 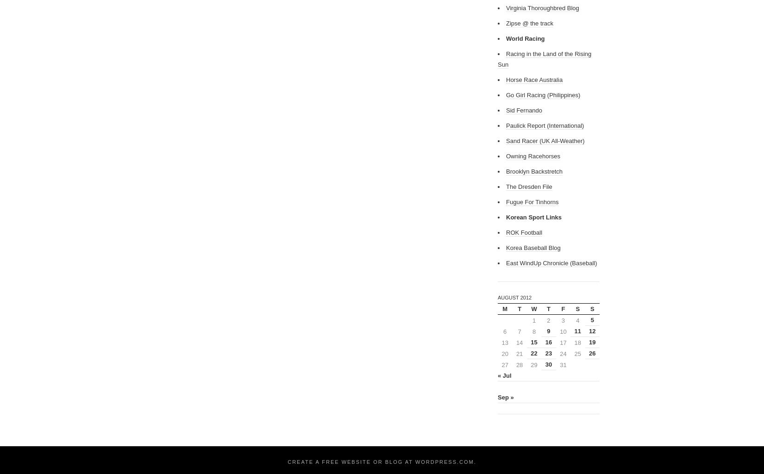 What do you see at coordinates (504, 375) in the screenshot?
I see `'« Jul'` at bounding box center [504, 375].